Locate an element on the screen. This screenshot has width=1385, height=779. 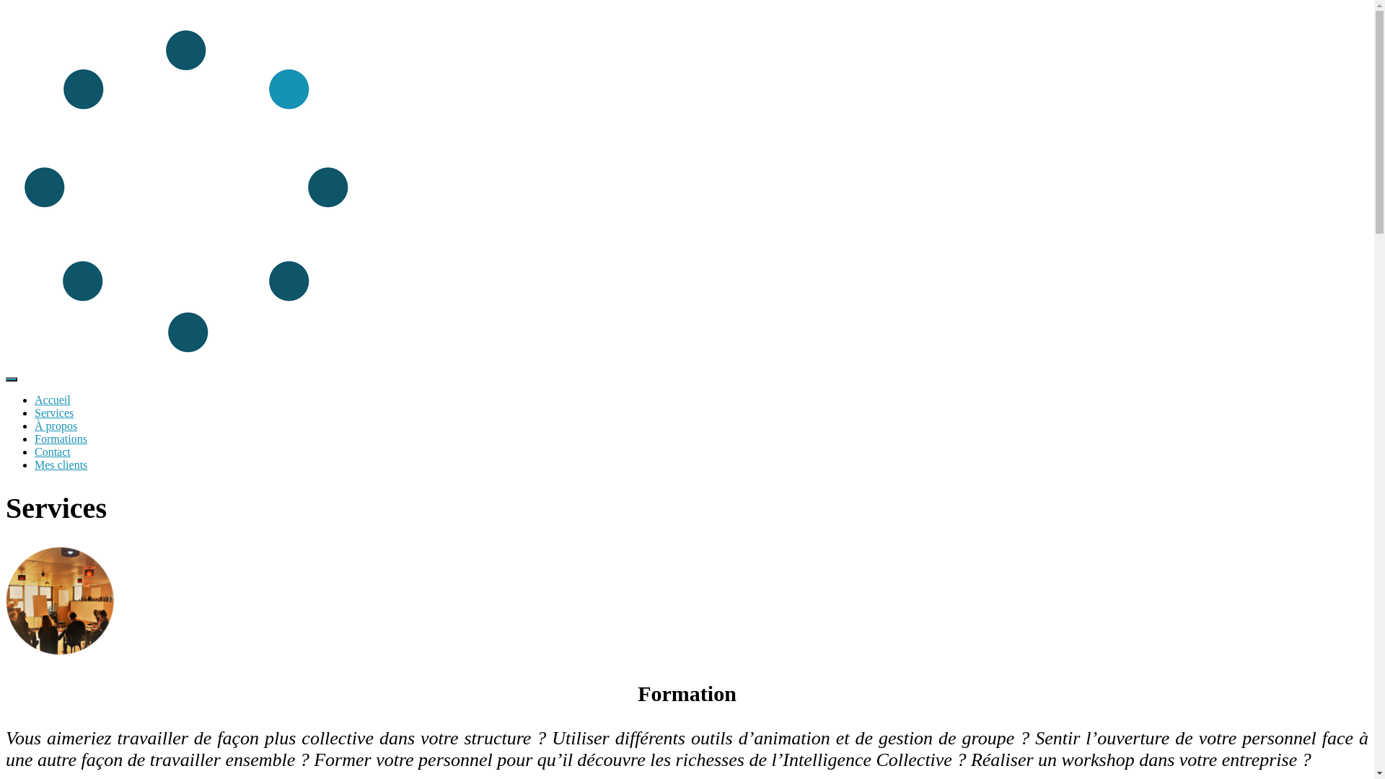
'Toggle Navigation' is located at coordinates (11, 378).